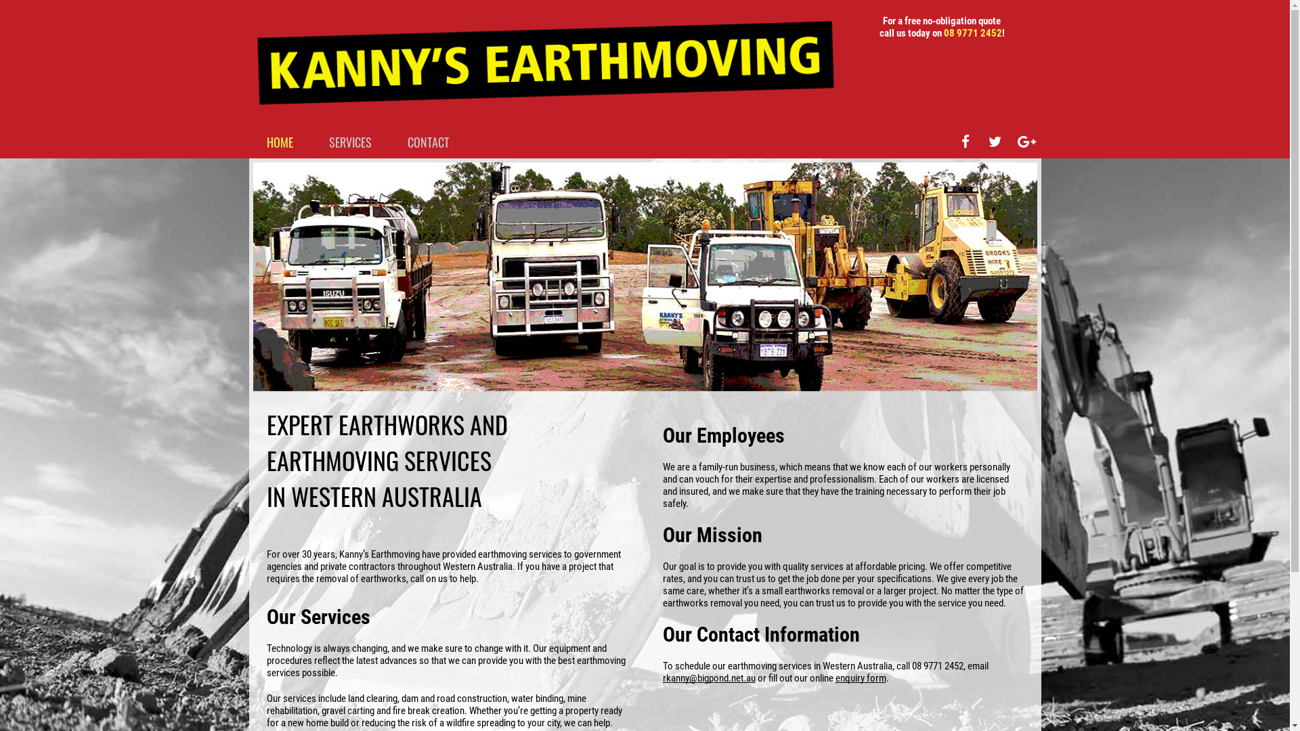 This screenshot has height=731, width=1300. I want to click on '08 9771 2452', so click(972, 32).